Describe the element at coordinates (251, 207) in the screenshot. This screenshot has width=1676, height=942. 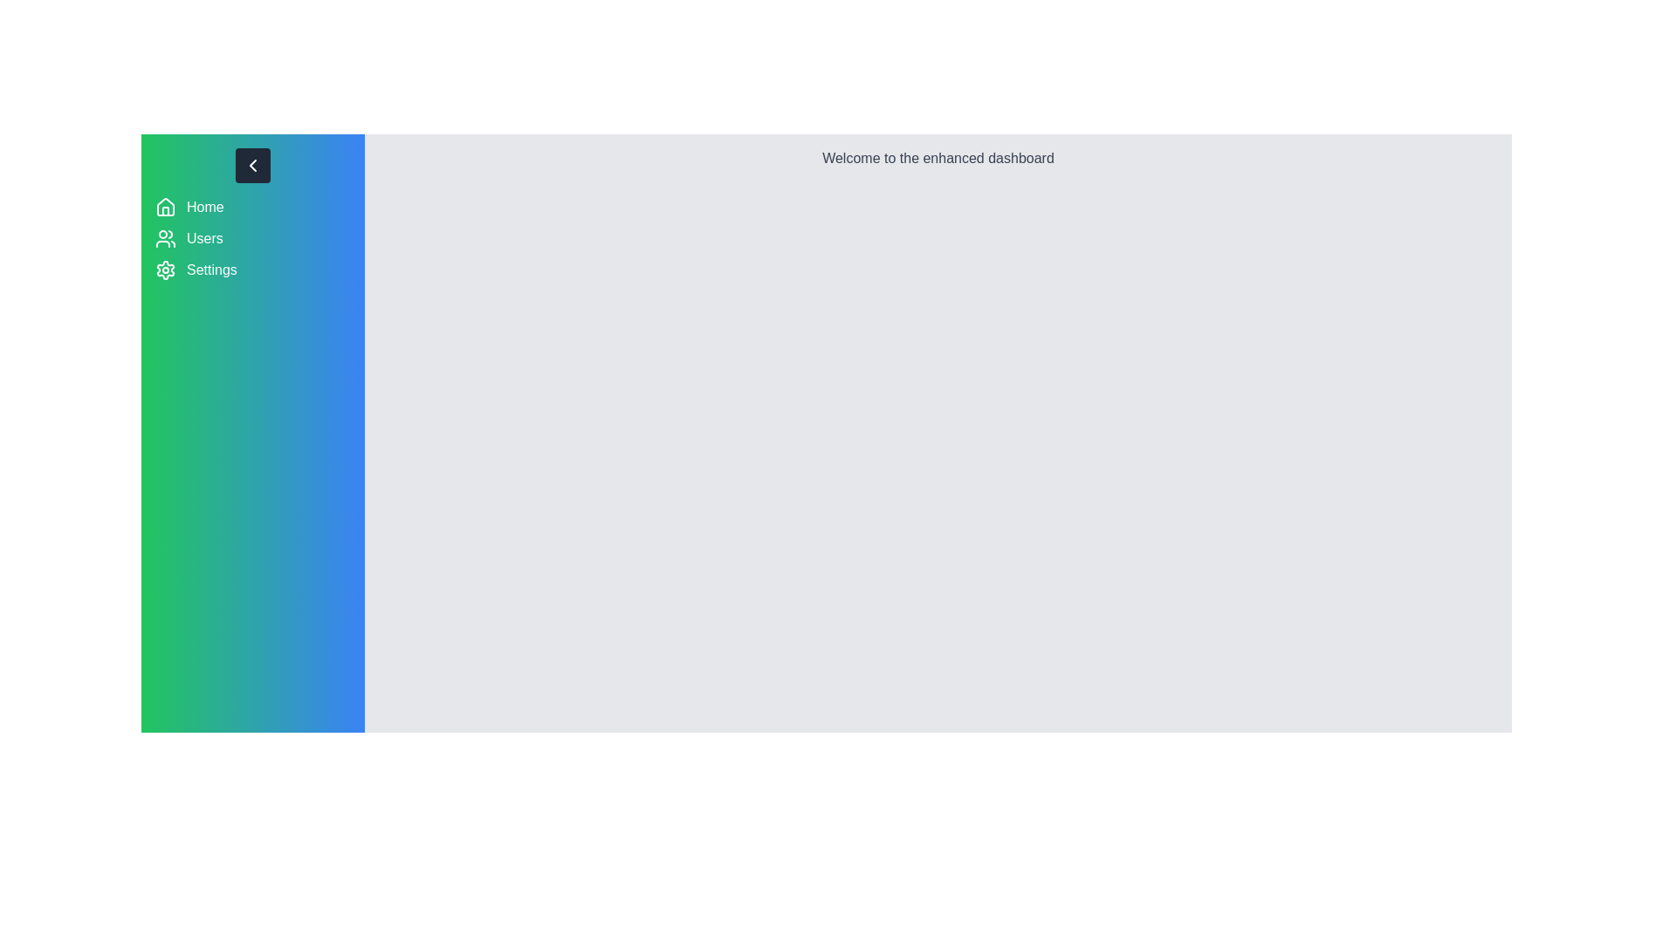
I see `the menu item Home by clicking on it` at that location.